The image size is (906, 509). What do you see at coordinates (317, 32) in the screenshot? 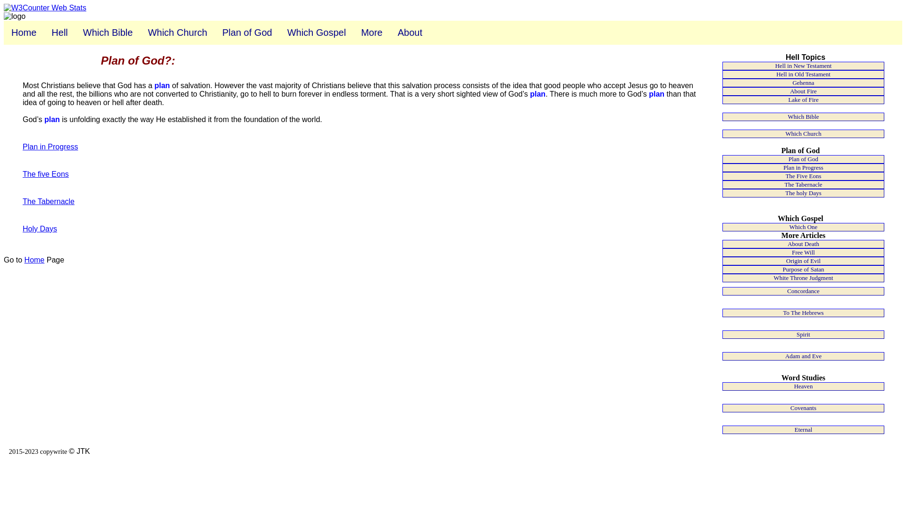
I see `'Which Gospel'` at bounding box center [317, 32].